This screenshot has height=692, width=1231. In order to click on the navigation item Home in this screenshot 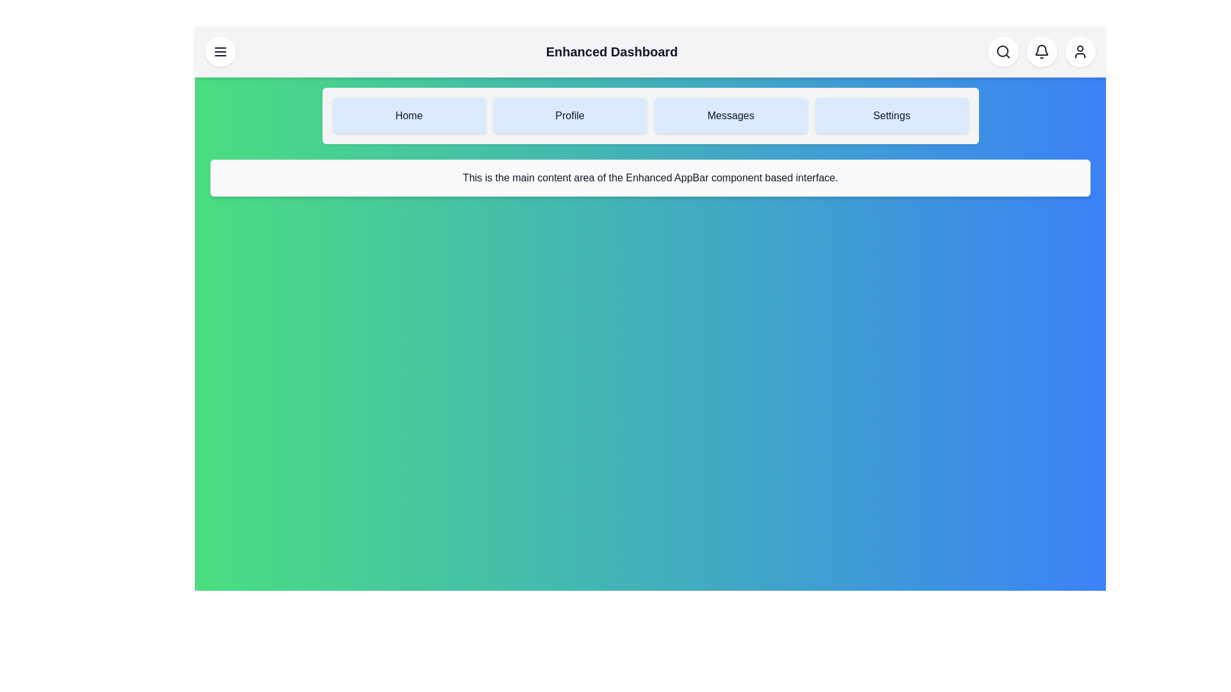, I will do `click(408, 116)`.